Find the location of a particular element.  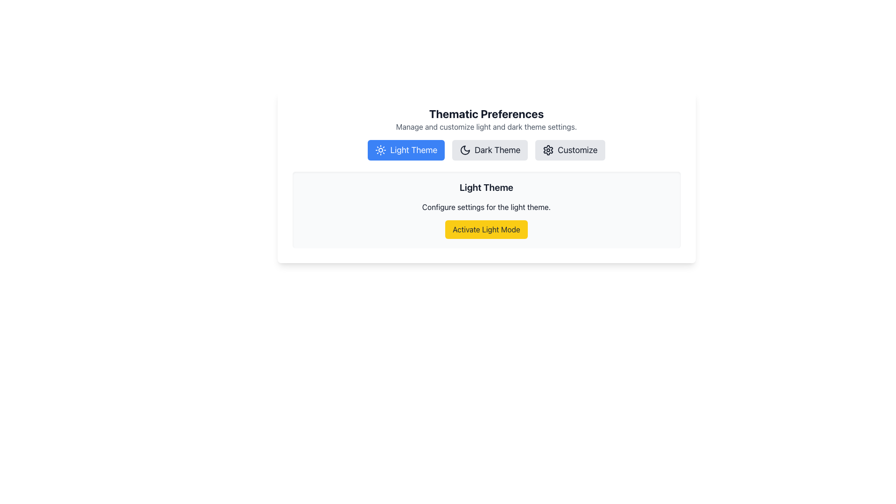

the sun icon located on the left side of the 'Light Theme' button at the top of the thematic preferences section is located at coordinates (381, 149).